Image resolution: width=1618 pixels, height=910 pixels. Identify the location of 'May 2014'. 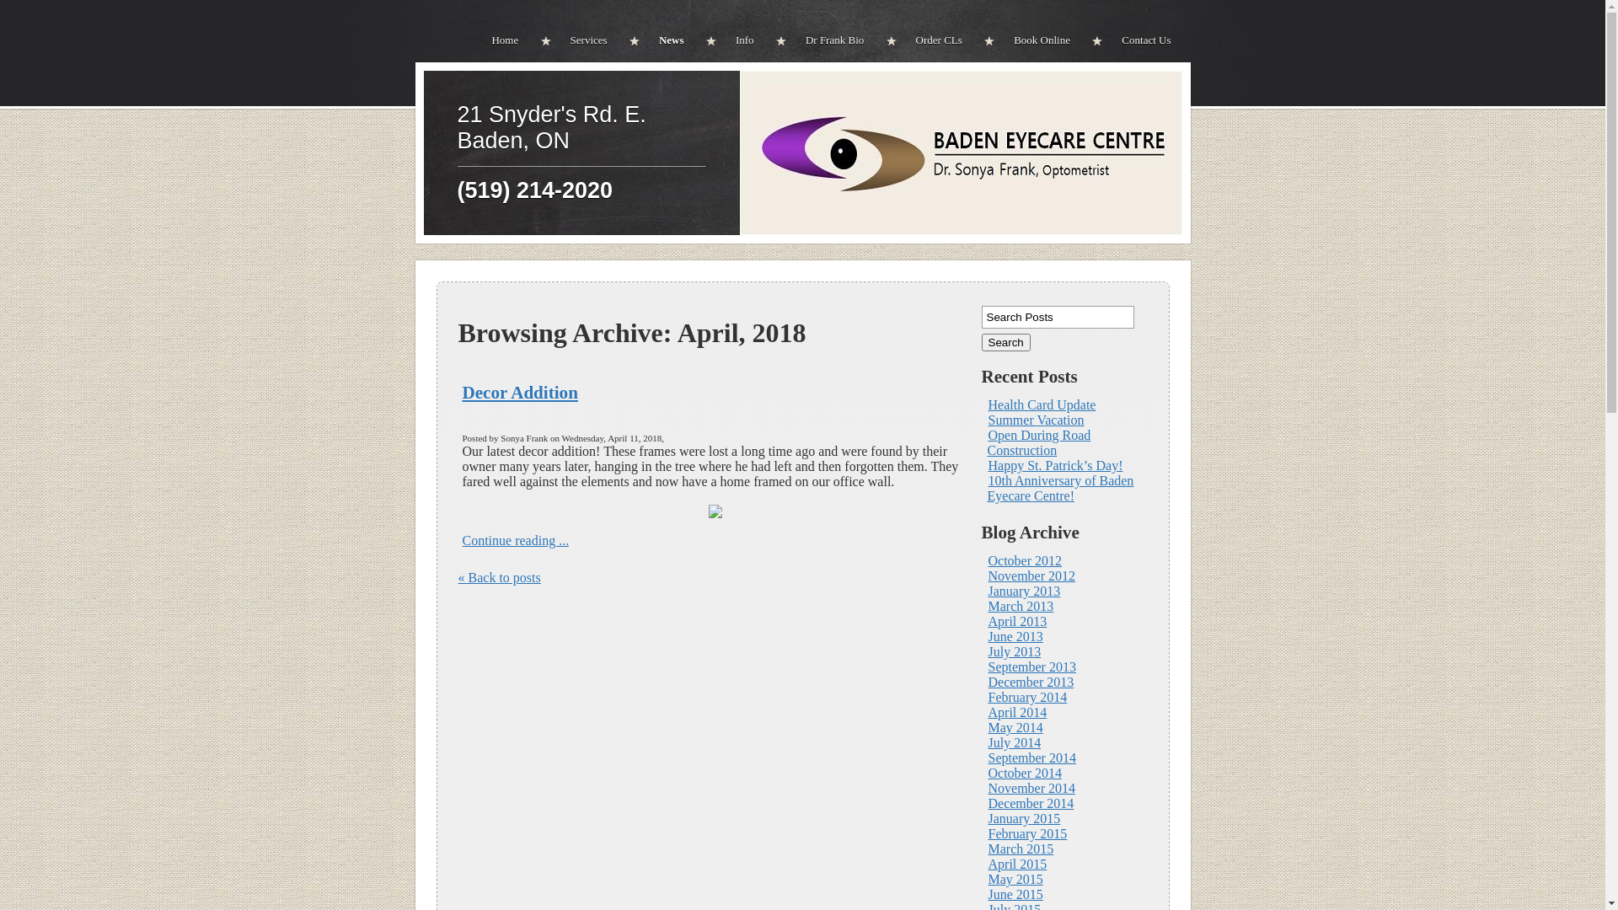
(1014, 726).